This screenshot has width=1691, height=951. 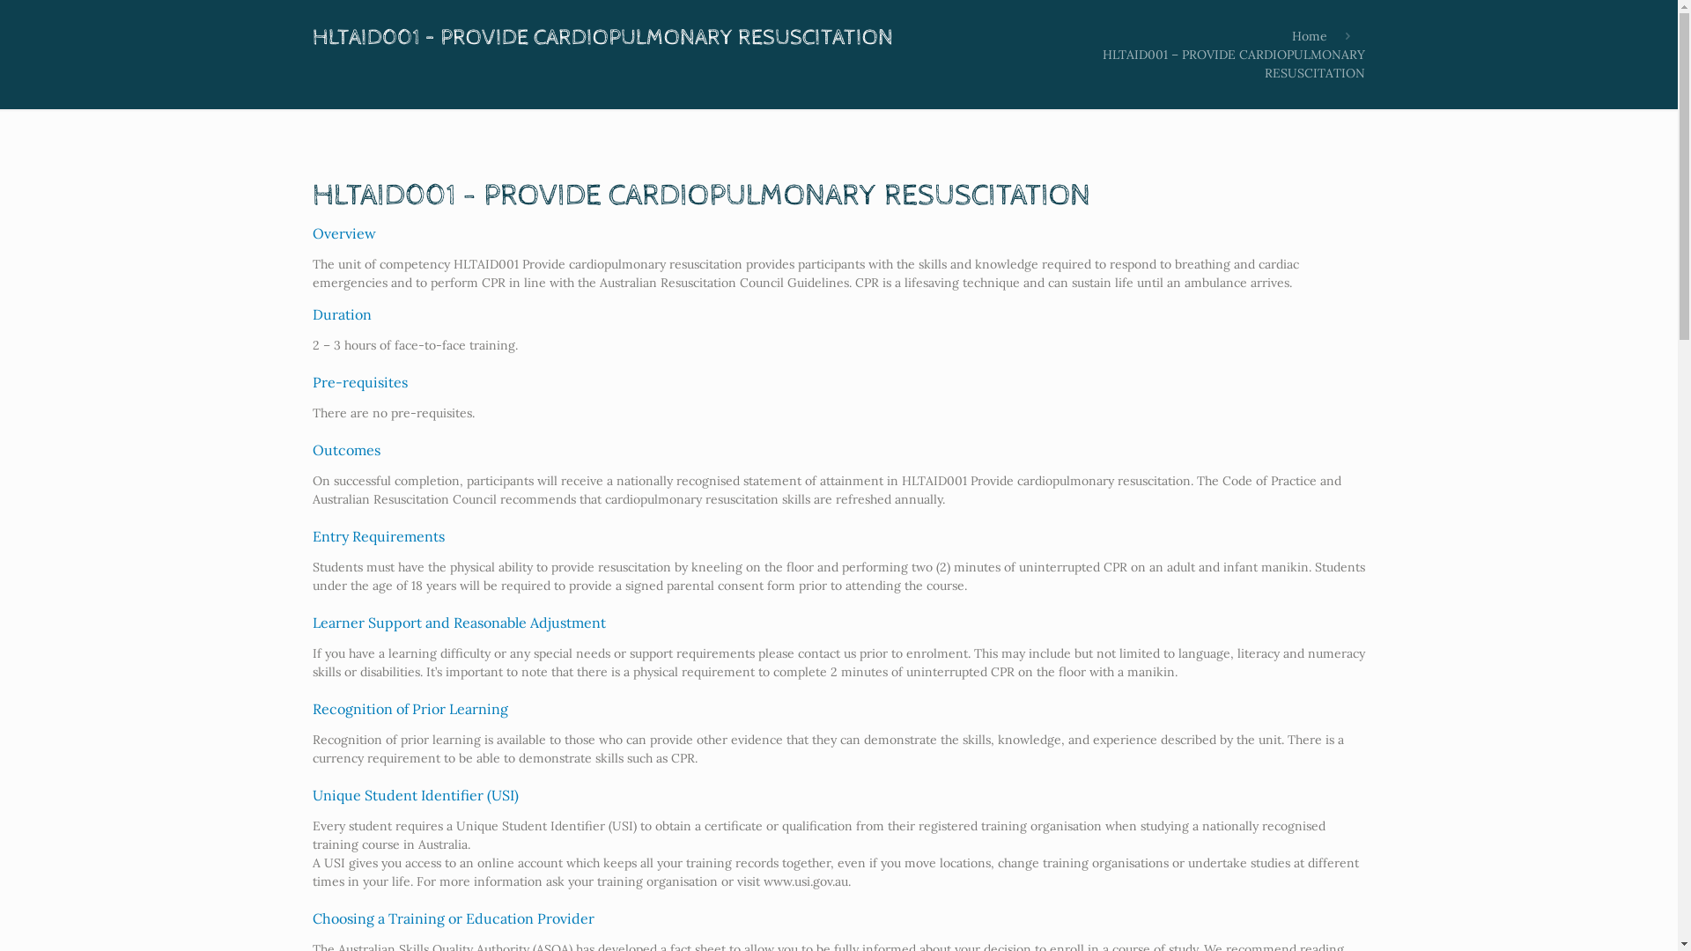 What do you see at coordinates (1310, 36) in the screenshot?
I see `'Home'` at bounding box center [1310, 36].